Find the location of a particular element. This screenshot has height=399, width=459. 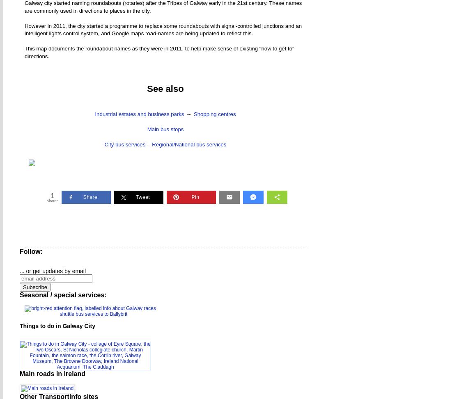

'Main roads in Ireland' is located at coordinates (19, 373).